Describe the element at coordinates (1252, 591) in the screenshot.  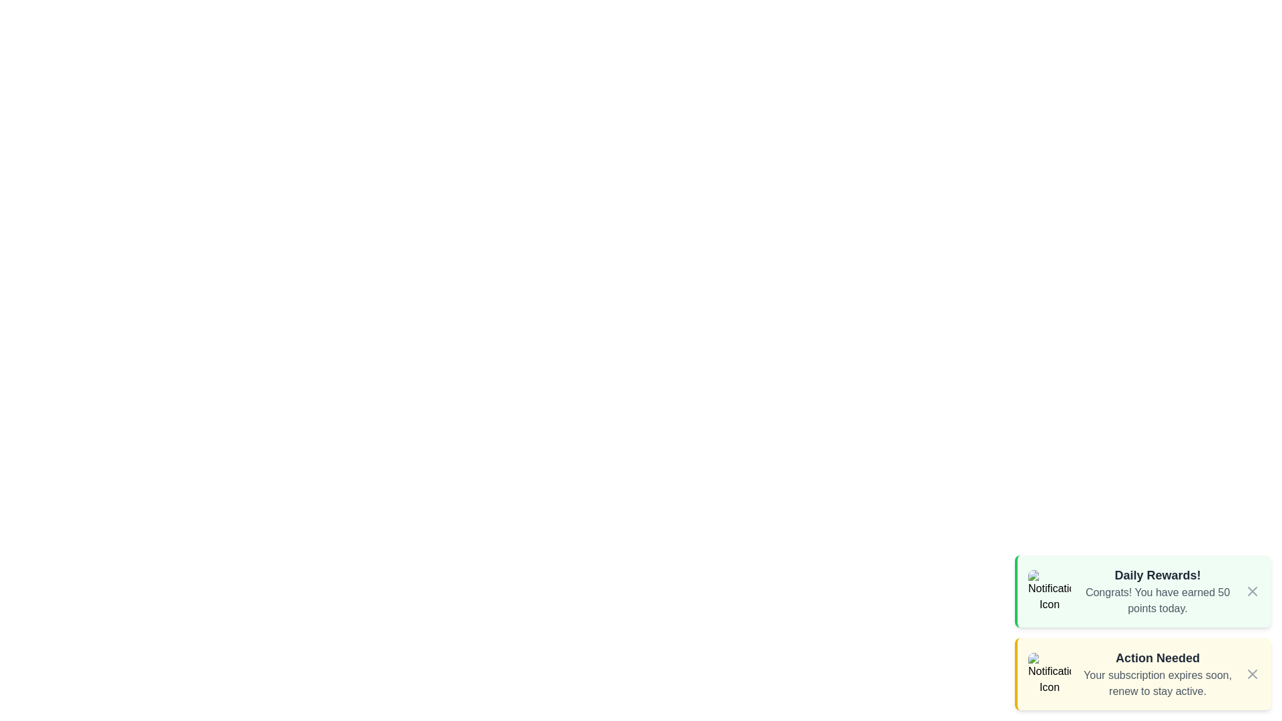
I see `the close button of the notification with the title Daily Rewards!` at that location.